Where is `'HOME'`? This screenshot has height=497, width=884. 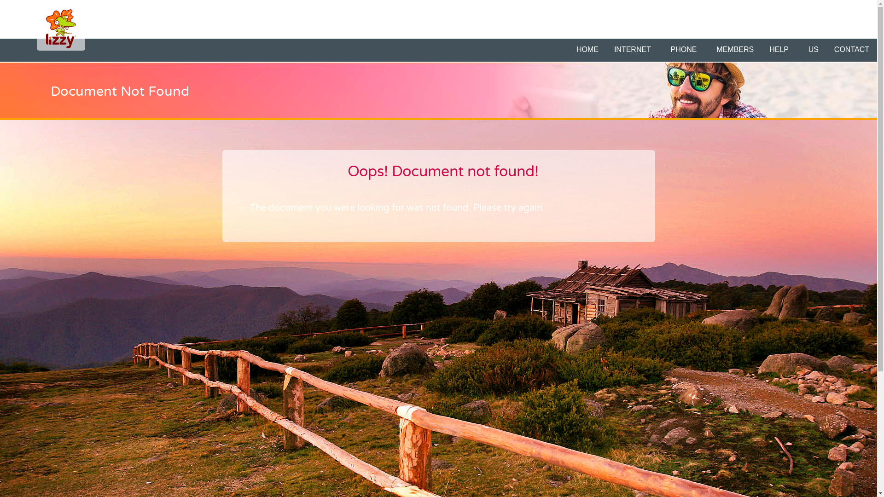 'HOME' is located at coordinates (587, 50).